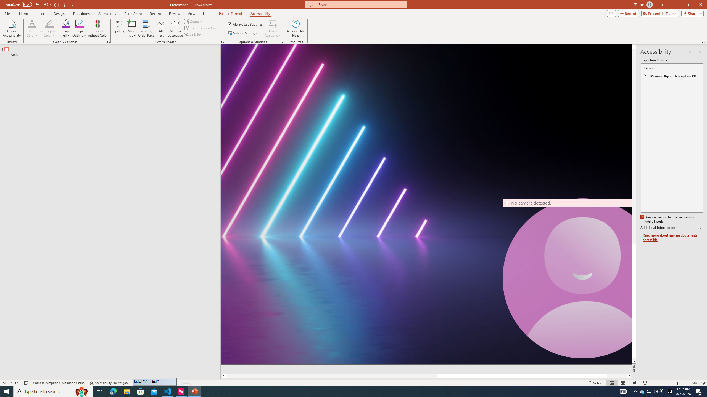  I want to click on 'Captions & Subtitles', so click(281, 41).